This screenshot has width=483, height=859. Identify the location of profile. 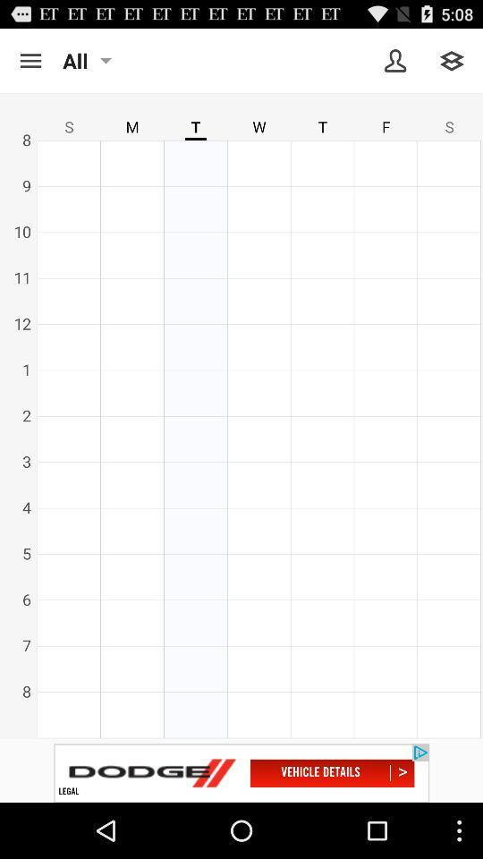
(395, 61).